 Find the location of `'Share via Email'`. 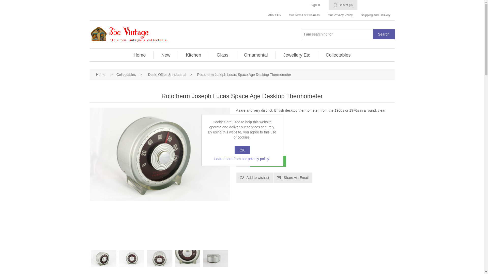

'Share via Email' is located at coordinates (293, 177).